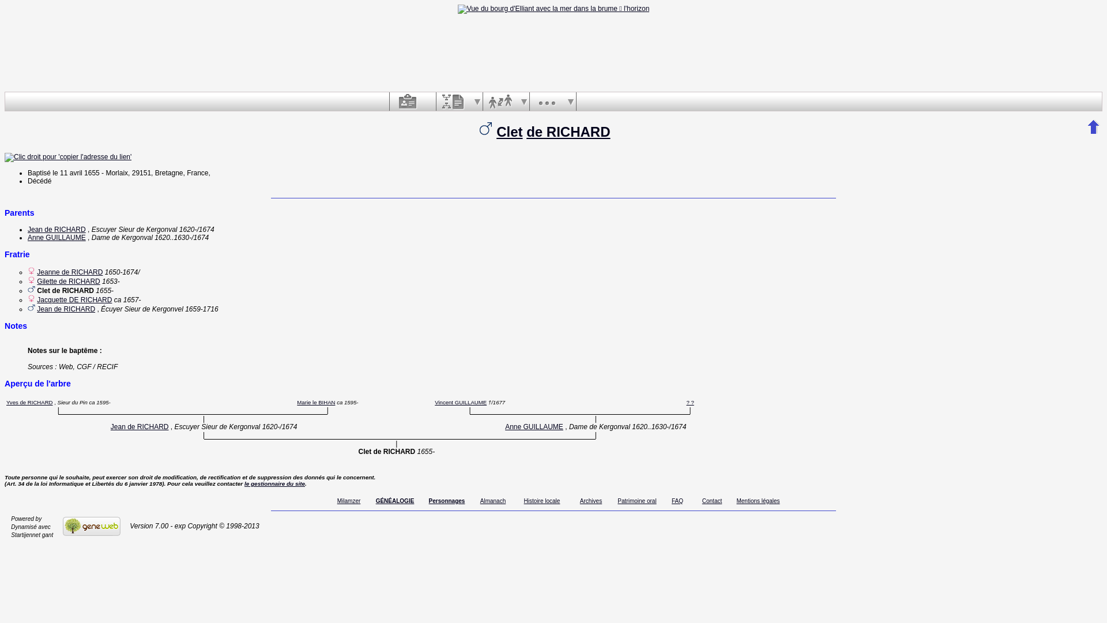 The height and width of the screenshot is (623, 1107). I want to click on 'Contact', so click(711, 500).